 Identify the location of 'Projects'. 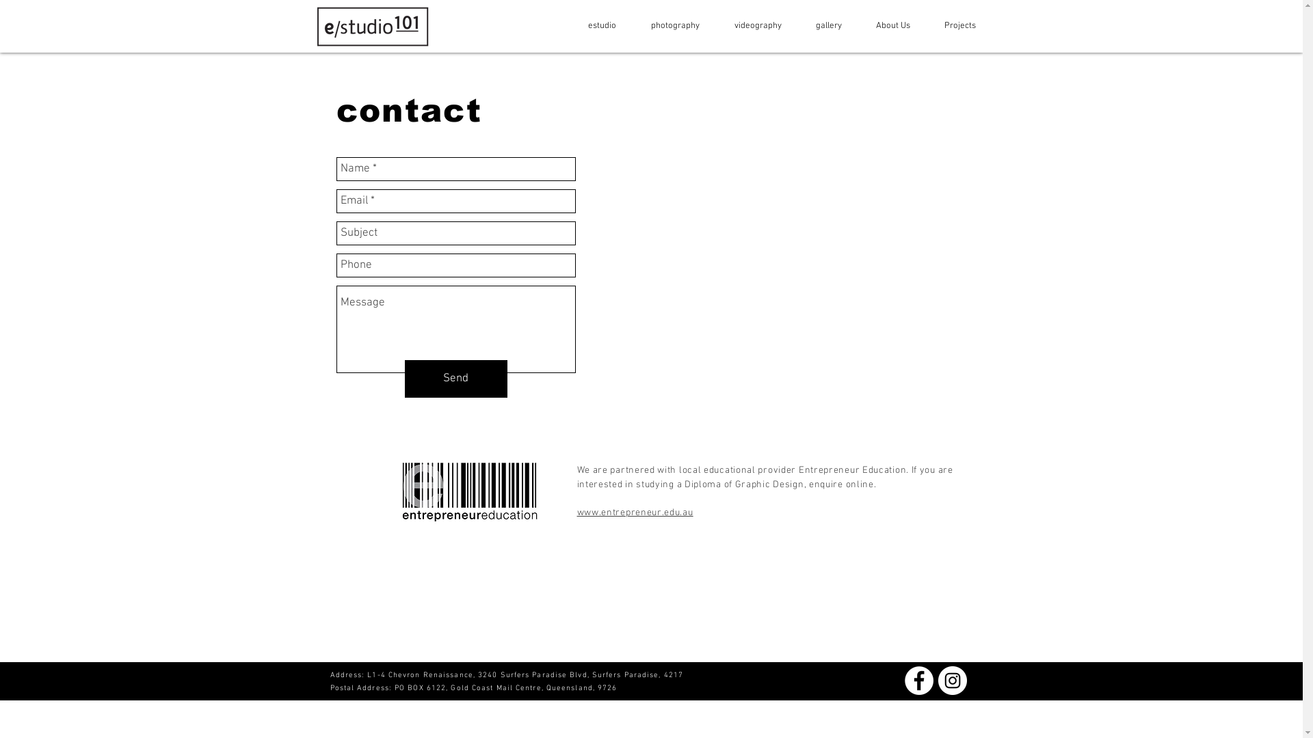
(952, 26).